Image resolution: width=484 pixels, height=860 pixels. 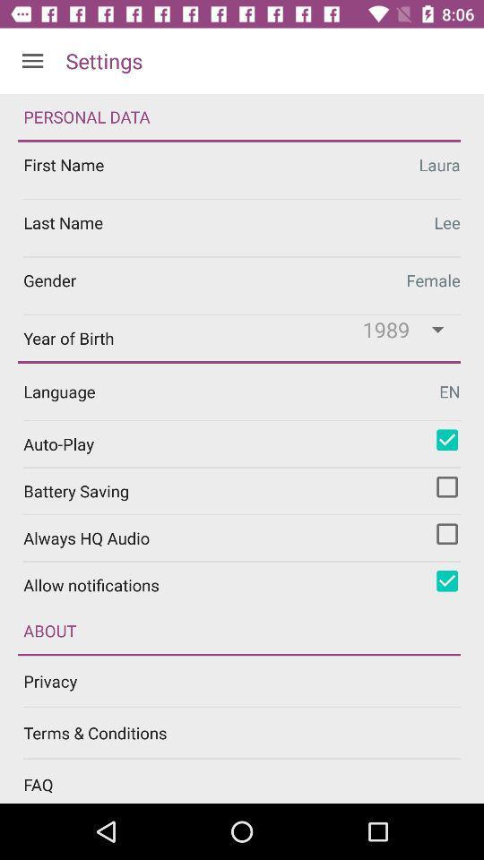 I want to click on last name, so click(x=242, y=227).